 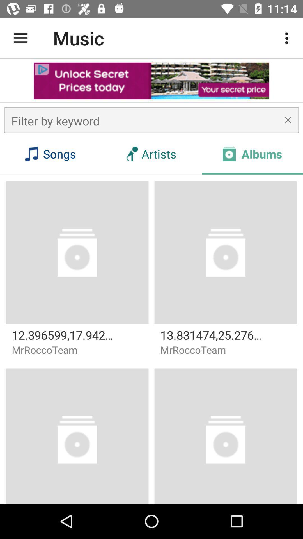 I want to click on the box above songs at the top of the page, so click(x=151, y=120).